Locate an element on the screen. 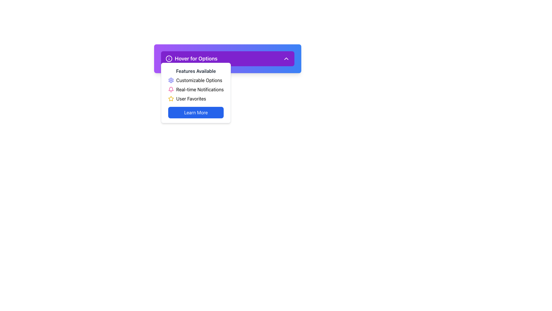 Image resolution: width=552 pixels, height=311 pixels. the small downward-pointing chevron icon located within the purple button labeled 'Hover for Options' is located at coordinates (286, 59).